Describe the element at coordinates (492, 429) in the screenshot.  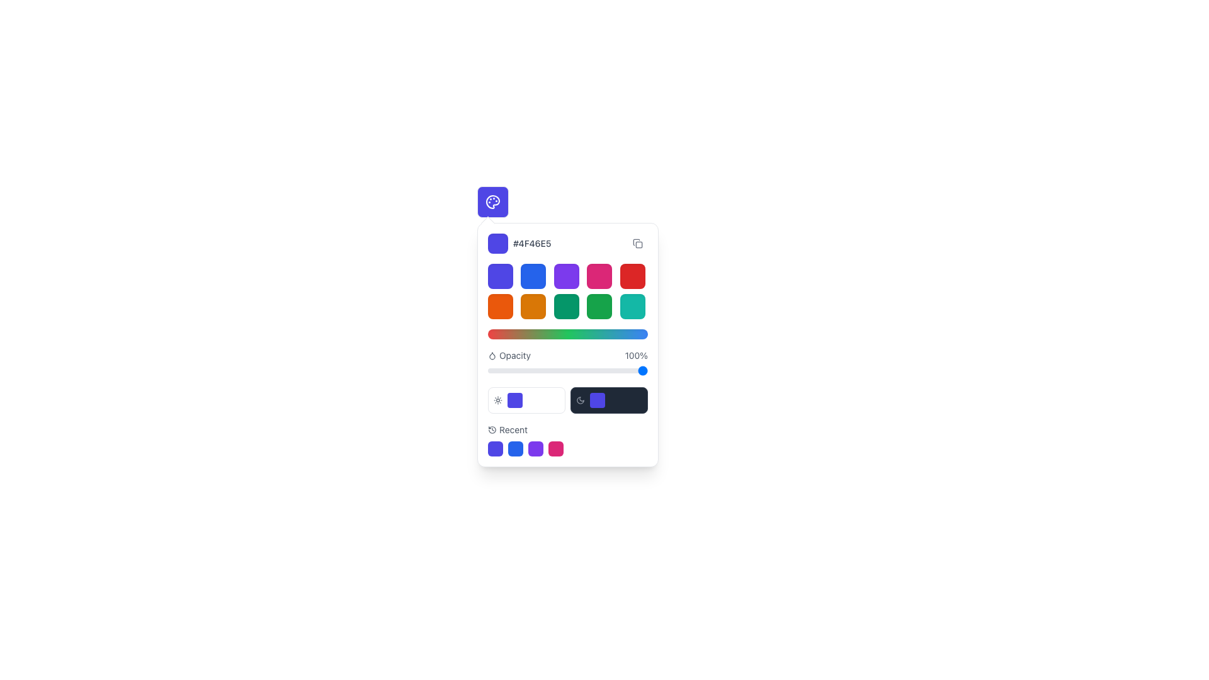
I see `the circular history icon, which is positioned at the beginning of the section containing the 'Recent' text label` at that location.